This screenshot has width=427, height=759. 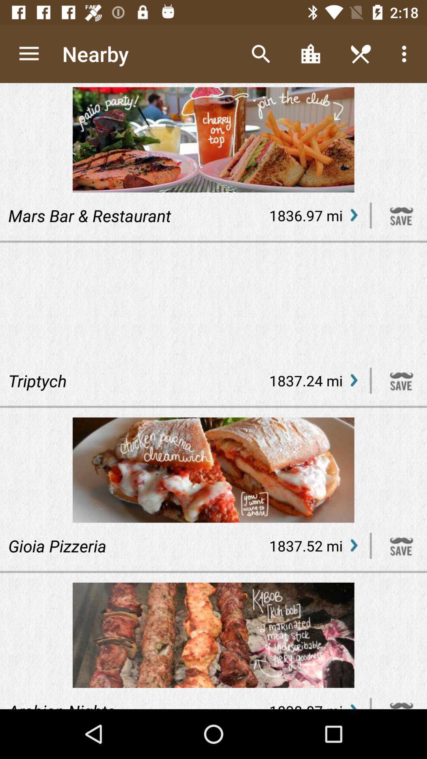 What do you see at coordinates (401, 545) in the screenshot?
I see `this for later` at bounding box center [401, 545].